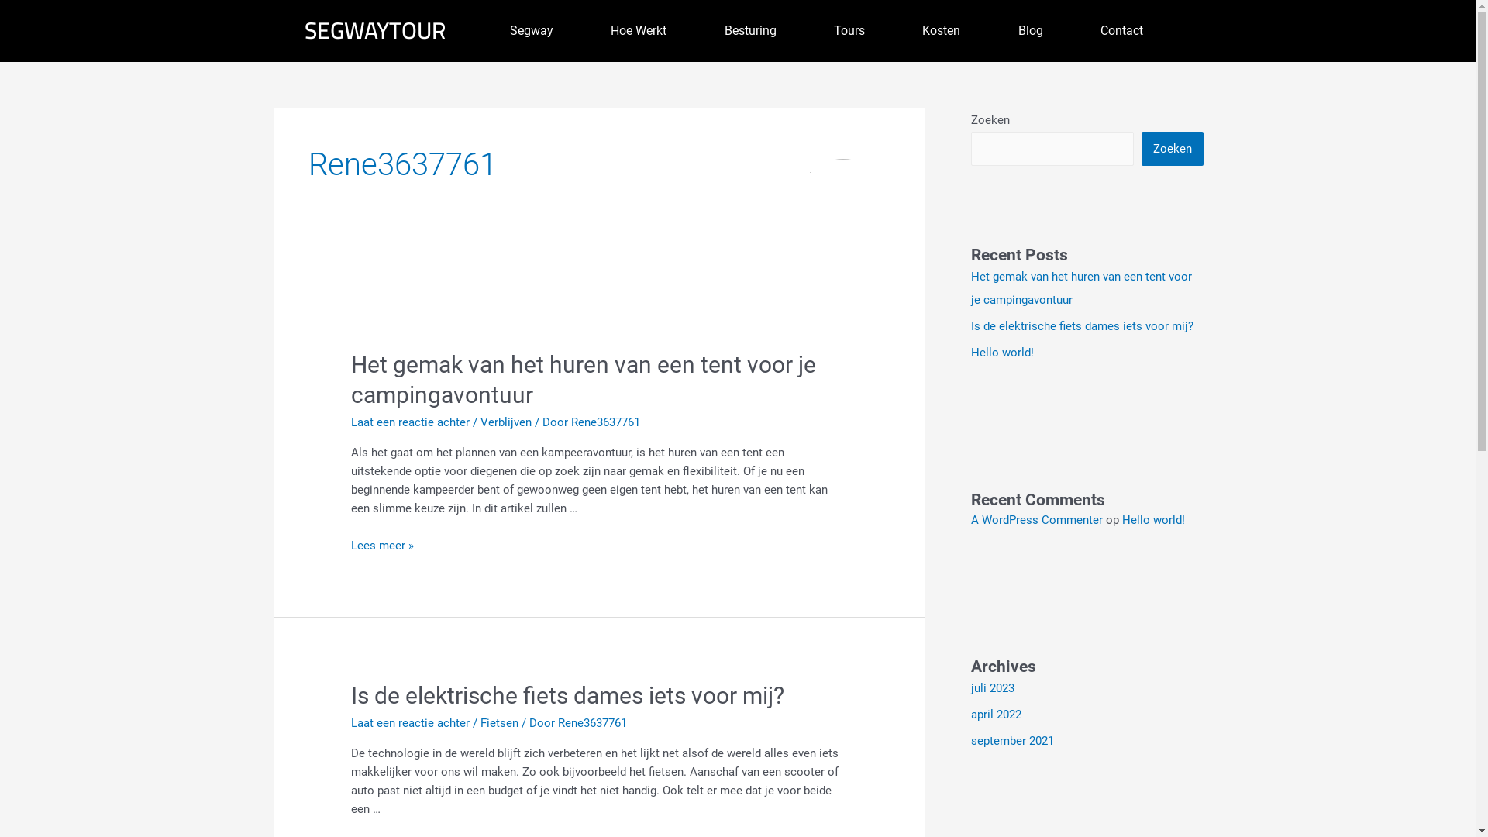 This screenshot has width=1488, height=837. I want to click on 'Zoeken', so click(1141, 149).